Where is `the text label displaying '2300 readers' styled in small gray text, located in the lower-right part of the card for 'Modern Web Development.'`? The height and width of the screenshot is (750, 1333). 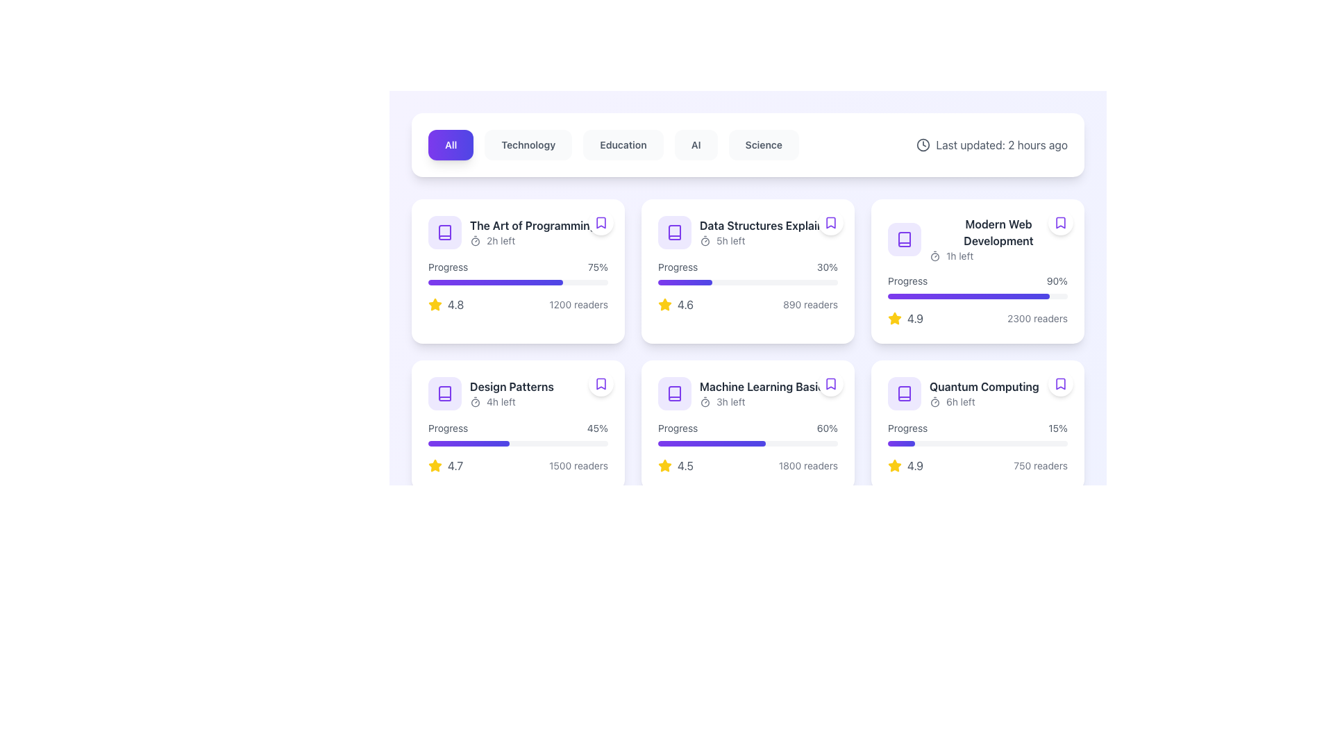
the text label displaying '2300 readers' styled in small gray text, located in the lower-right part of the card for 'Modern Web Development.' is located at coordinates (1037, 319).